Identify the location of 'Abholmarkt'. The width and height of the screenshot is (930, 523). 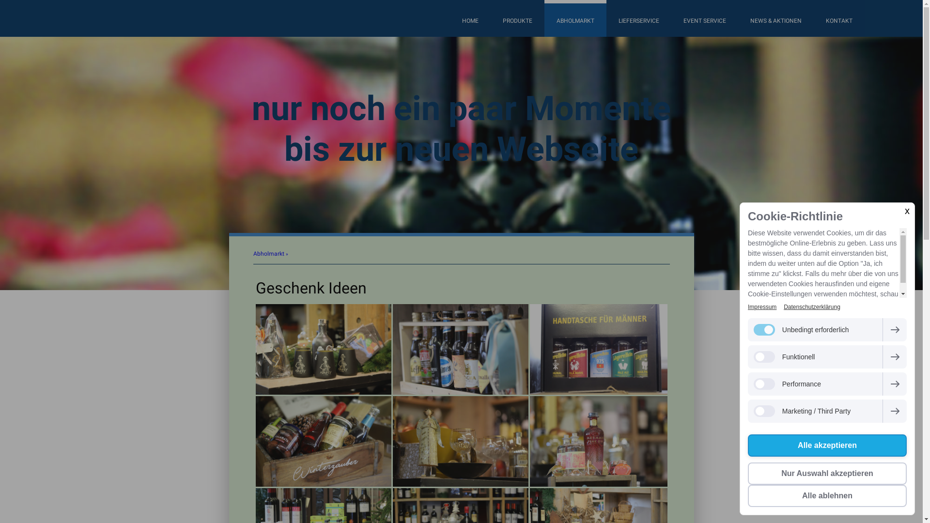
(253, 253).